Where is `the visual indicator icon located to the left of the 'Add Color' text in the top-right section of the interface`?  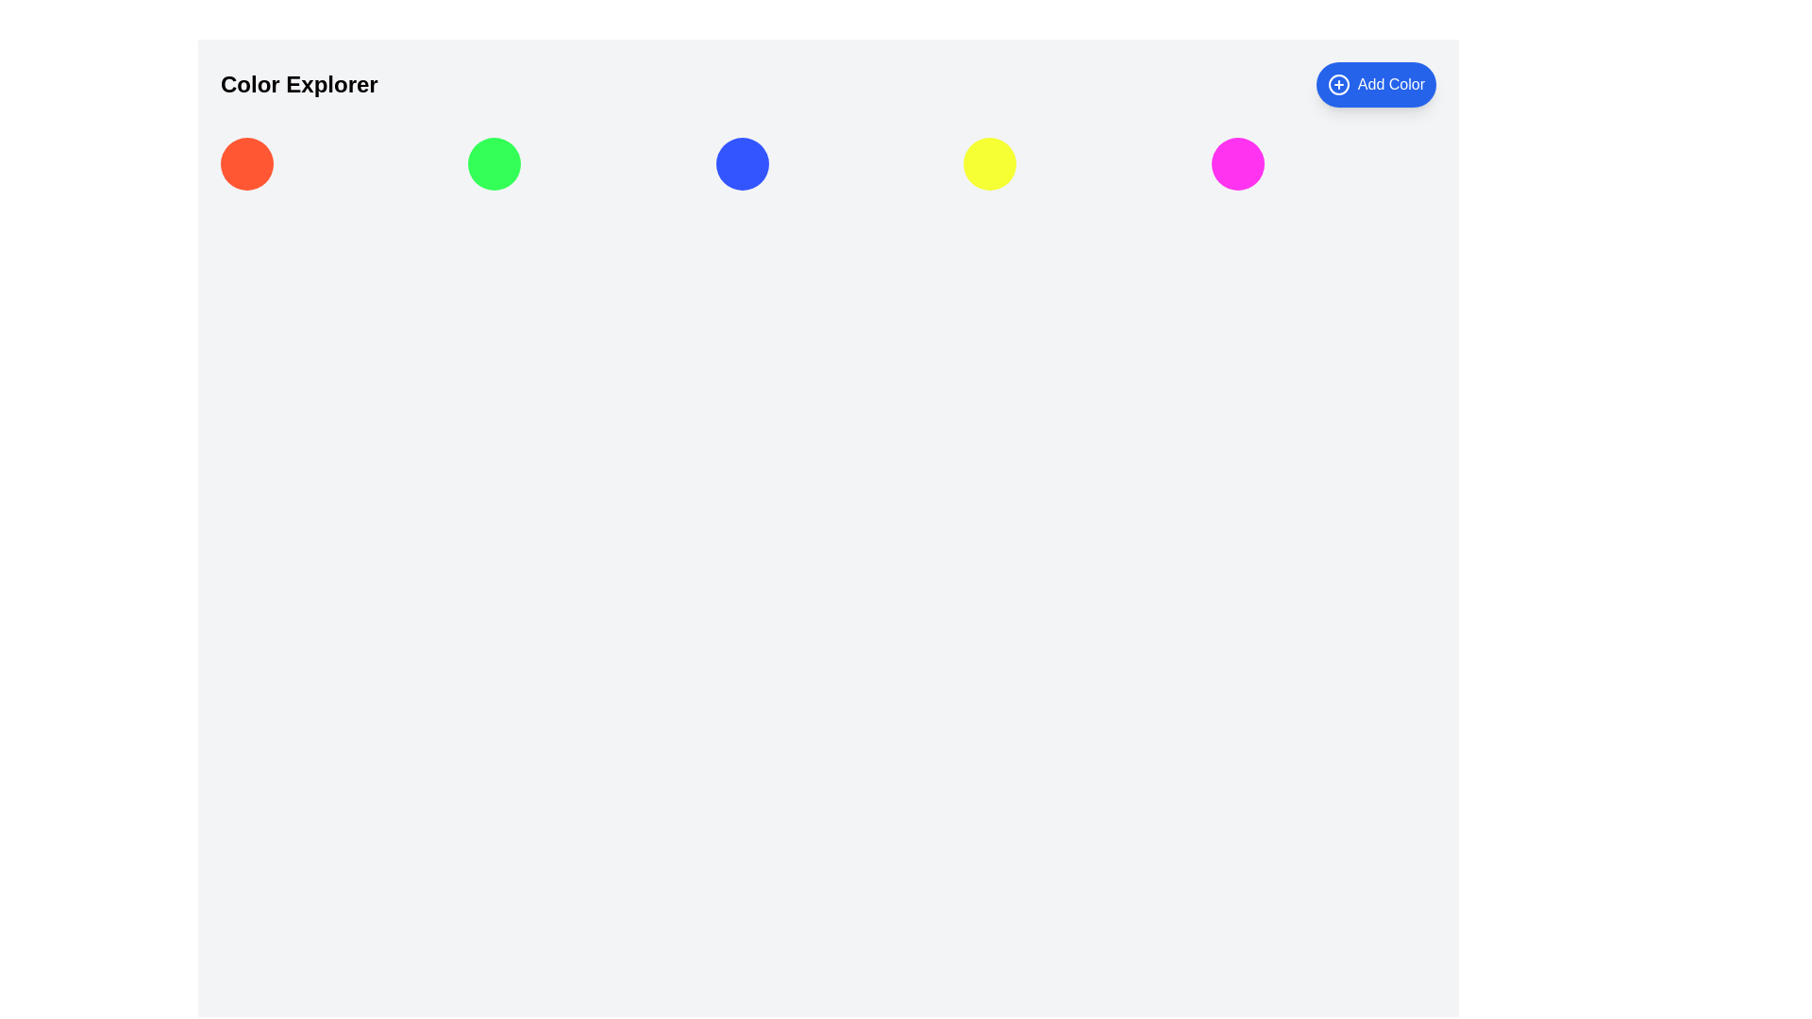 the visual indicator icon located to the left of the 'Add Color' text in the top-right section of the interface is located at coordinates (1337, 83).